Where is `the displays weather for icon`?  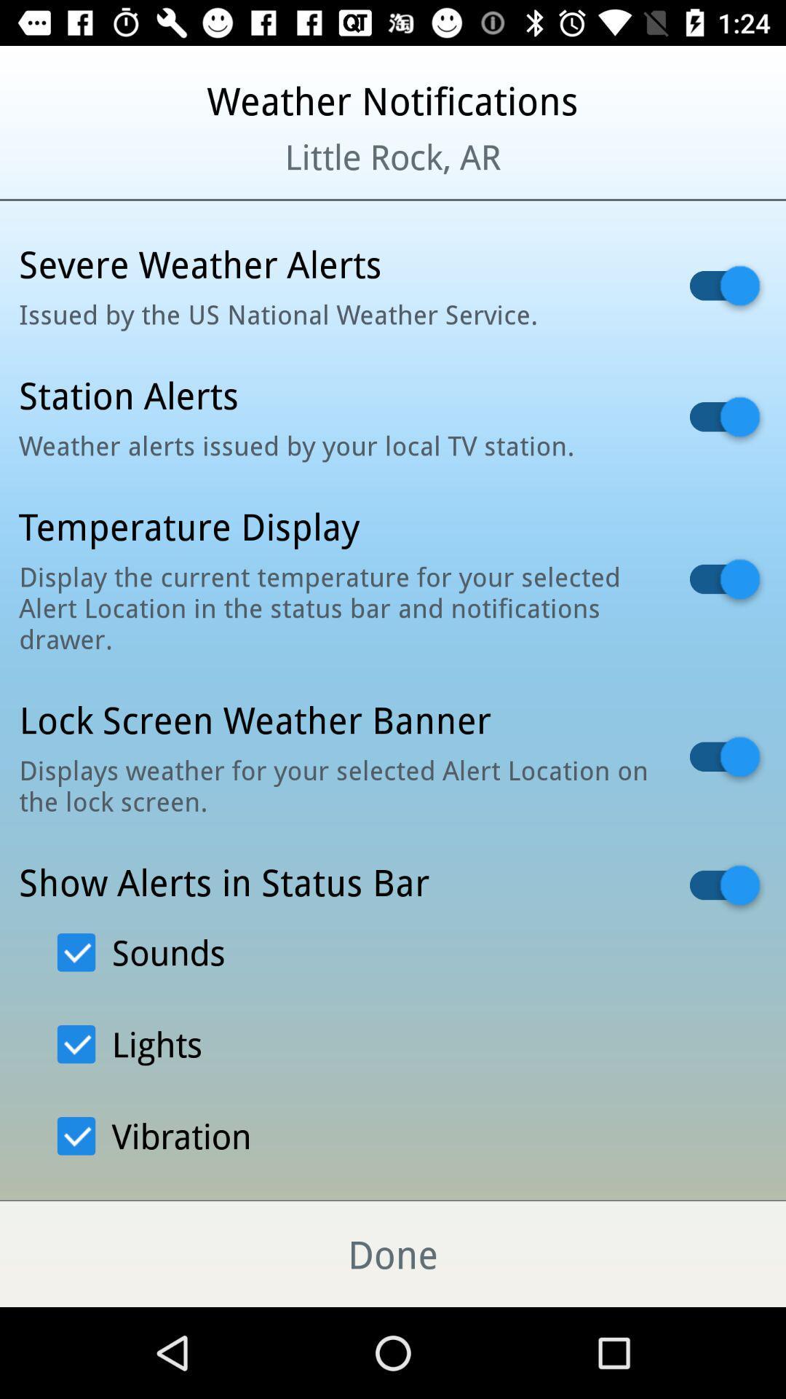 the displays weather for icon is located at coordinates (336, 785).